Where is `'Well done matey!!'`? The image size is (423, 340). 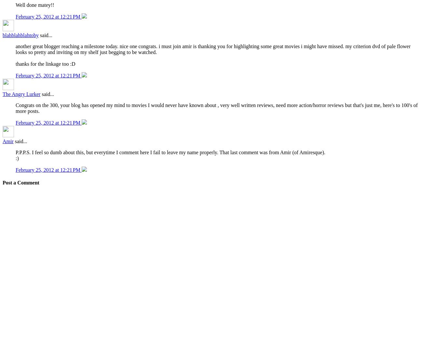
'Well done matey!!' is located at coordinates (34, 5).